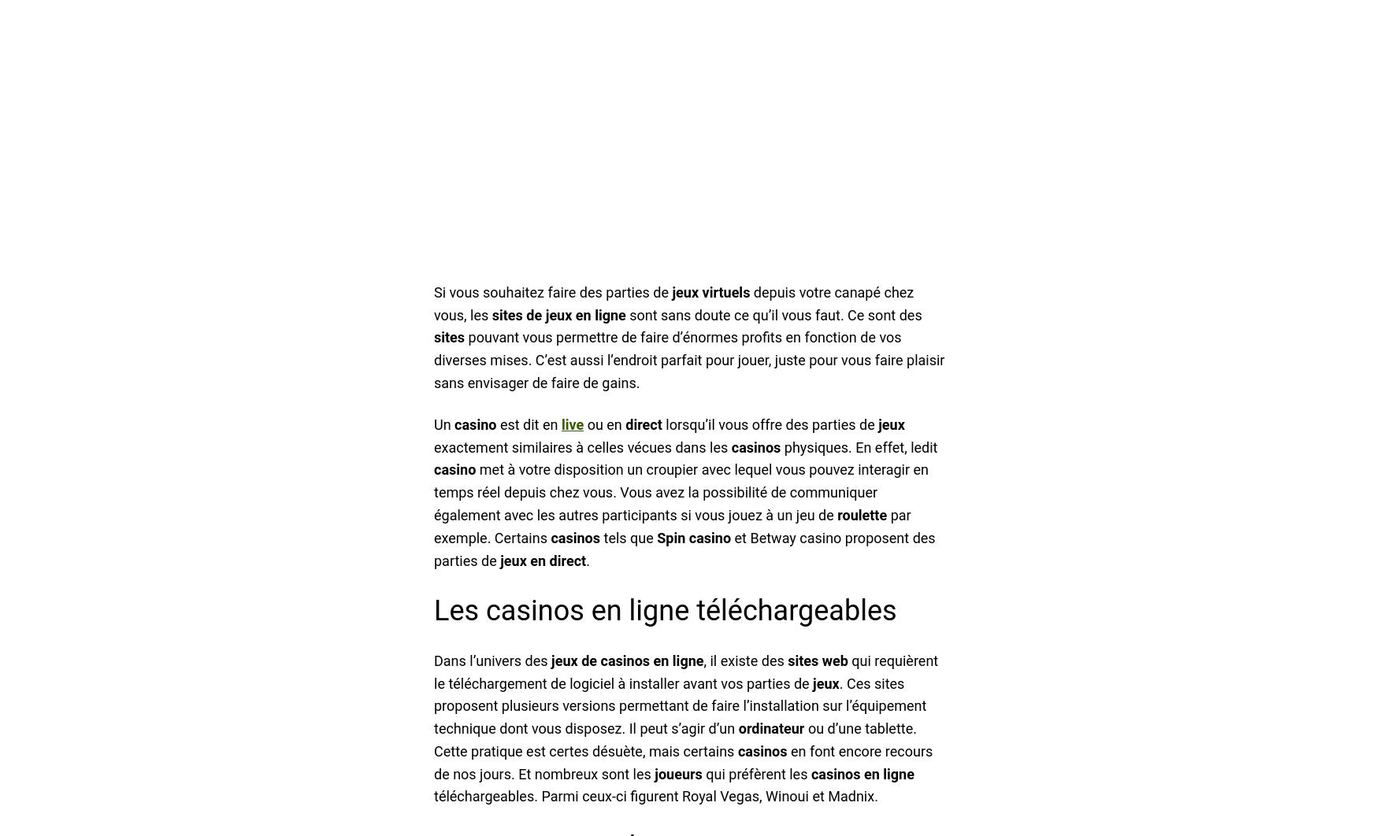 Image resolution: width=1380 pixels, height=836 pixels. What do you see at coordinates (661, 424) in the screenshot?
I see `'lorsqu’il vous offre des parties de'` at bounding box center [661, 424].